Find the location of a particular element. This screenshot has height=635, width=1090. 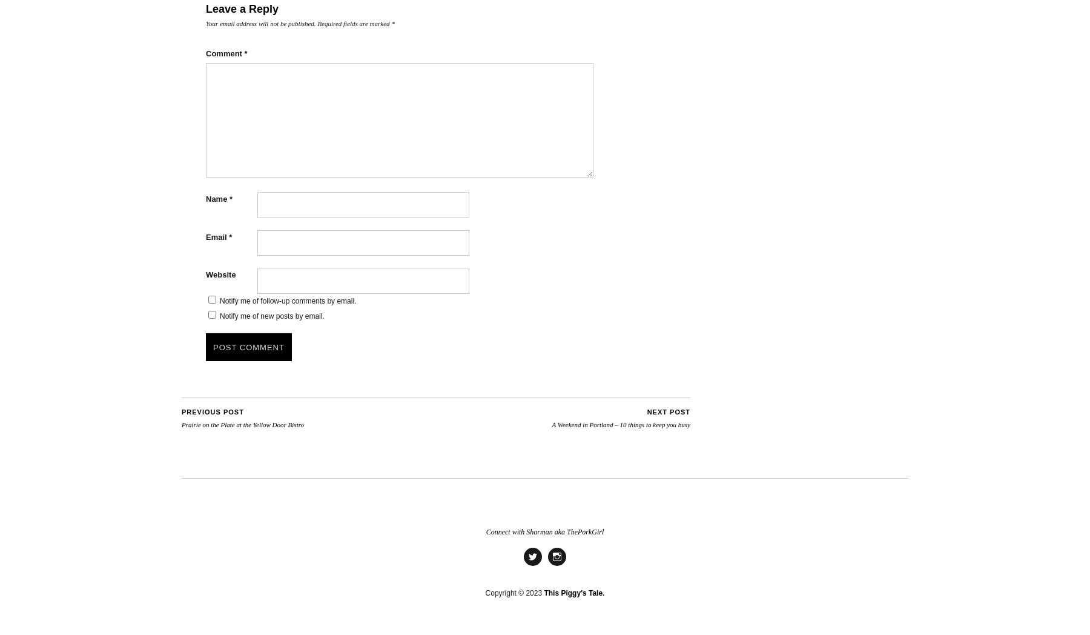

'Notify me of new posts by email.' is located at coordinates (271, 316).